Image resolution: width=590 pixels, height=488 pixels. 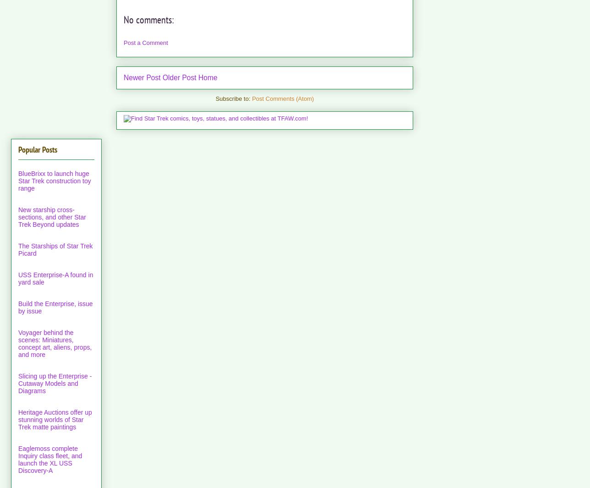 What do you see at coordinates (54, 181) in the screenshot?
I see `'BlueBrixx to launch huge Star Trek construction toy range'` at bounding box center [54, 181].